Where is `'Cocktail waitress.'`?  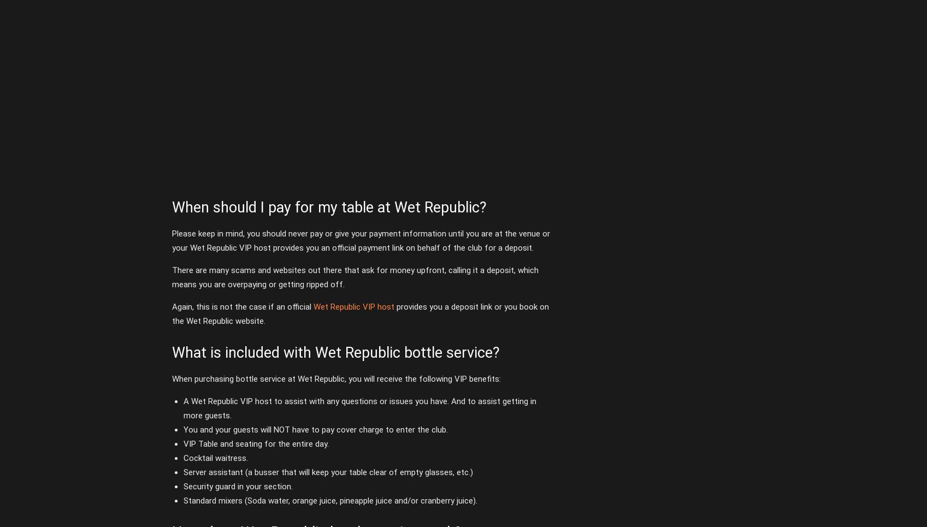
'Cocktail waitress.' is located at coordinates (215, 457).